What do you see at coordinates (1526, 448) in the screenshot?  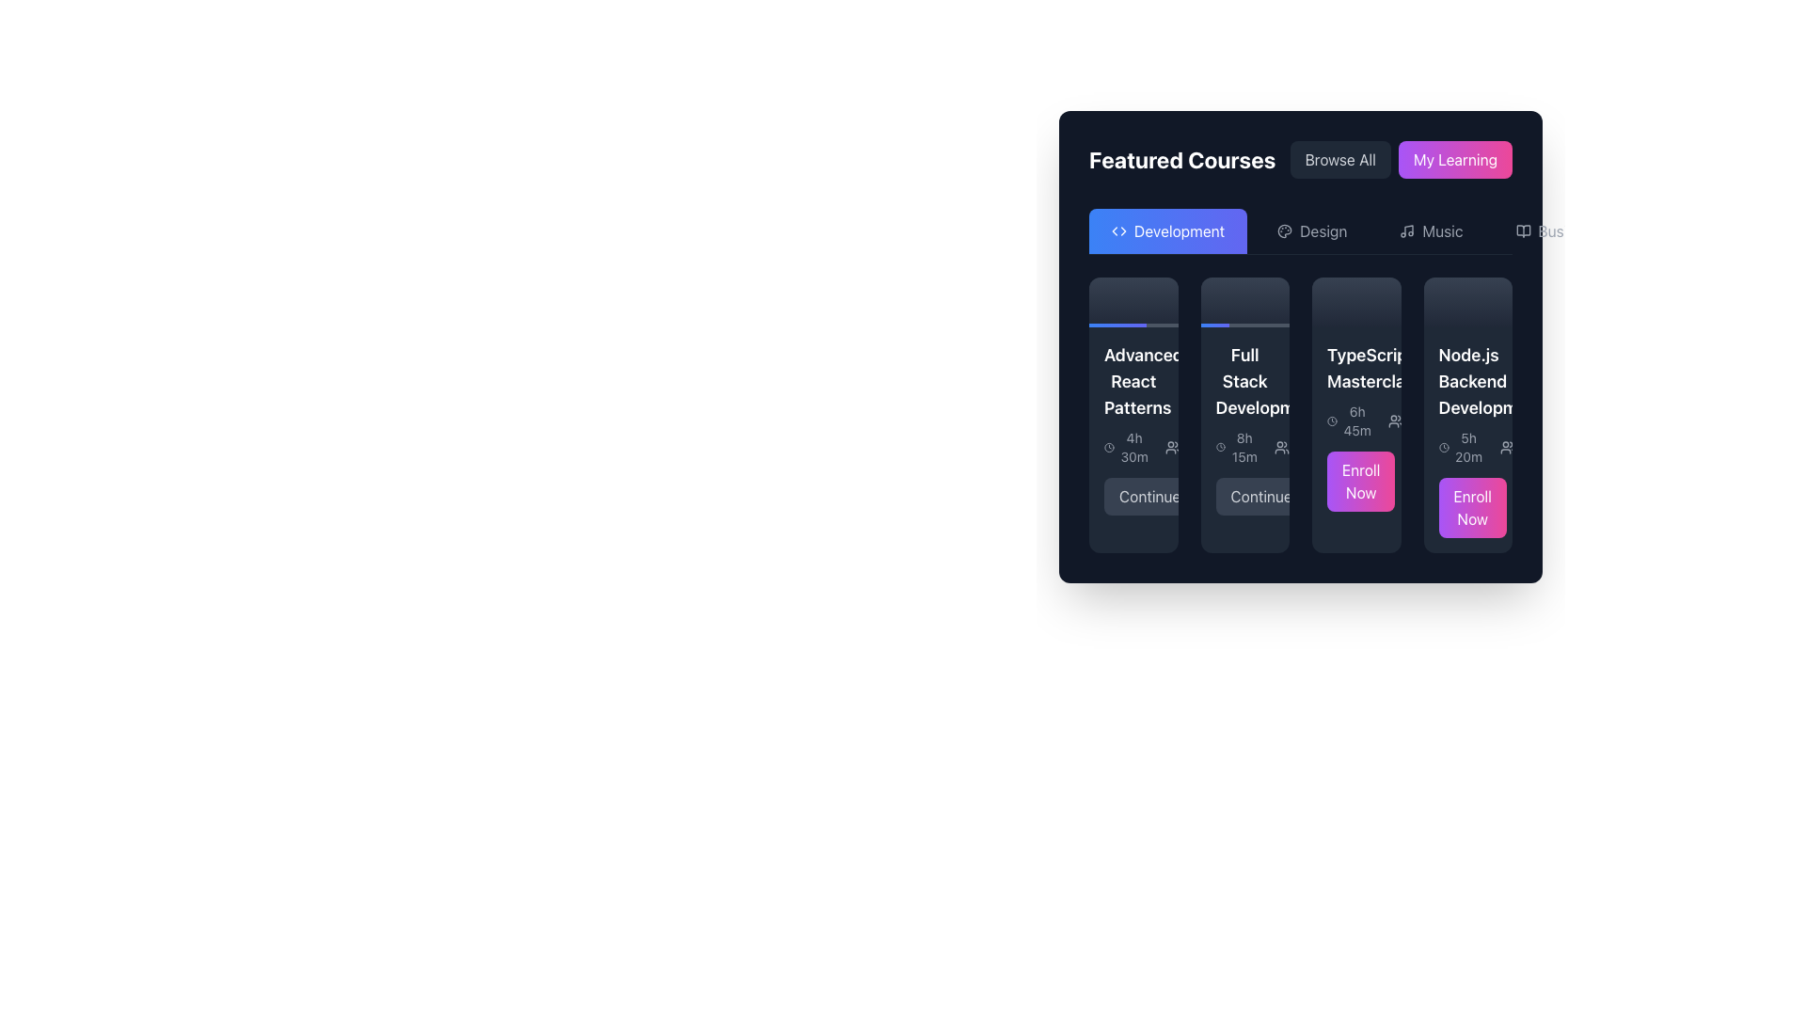 I see `the Statistic display element that shows the number of users or participants in the bottom-right area of the Node.js Backend Development card` at bounding box center [1526, 448].